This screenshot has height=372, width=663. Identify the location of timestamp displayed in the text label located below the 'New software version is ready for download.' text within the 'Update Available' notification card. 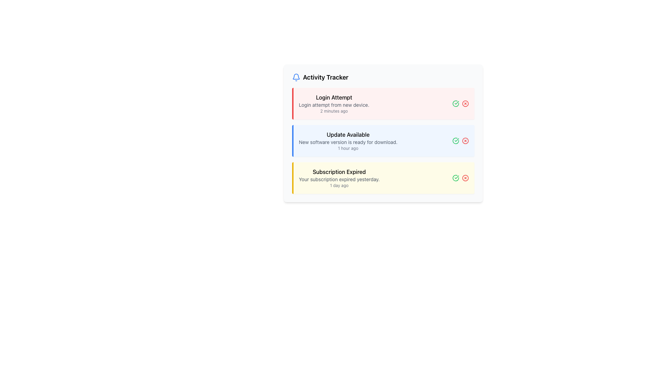
(348, 148).